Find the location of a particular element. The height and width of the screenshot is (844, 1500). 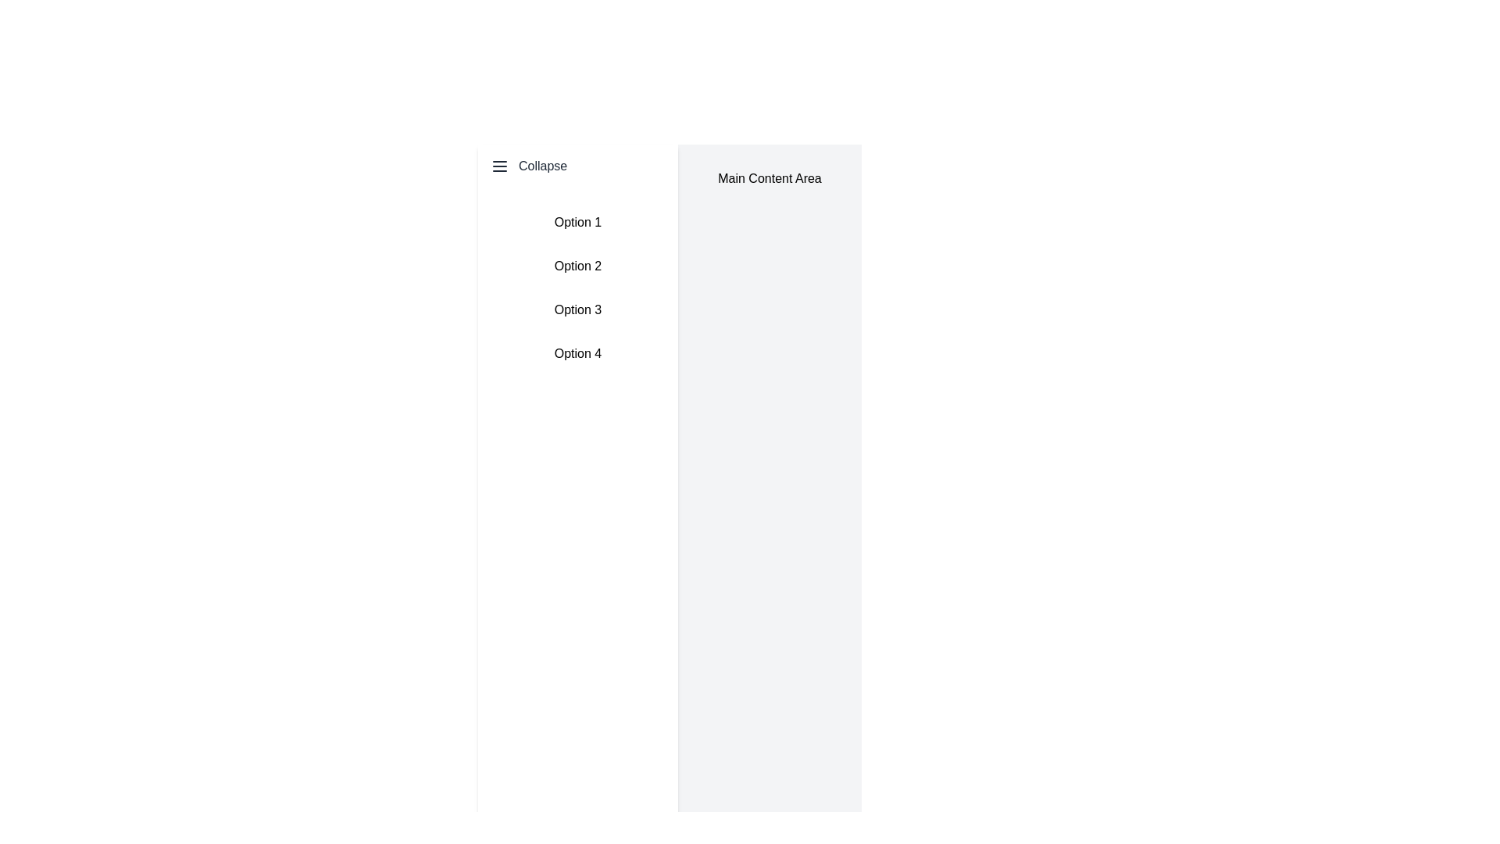

the icon located at the top-left corner of the interface, next to the text 'Collapse', to enhance accessibility is located at coordinates (498, 166).